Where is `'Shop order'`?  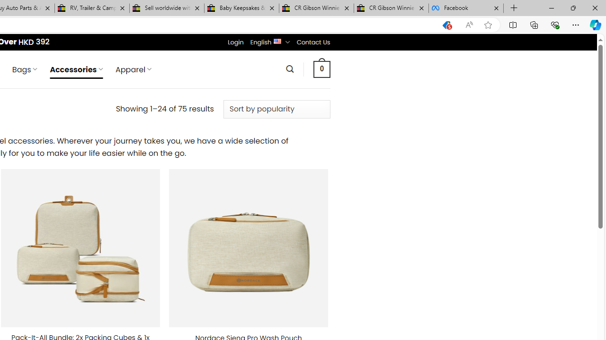
'Shop order' is located at coordinates (276, 109).